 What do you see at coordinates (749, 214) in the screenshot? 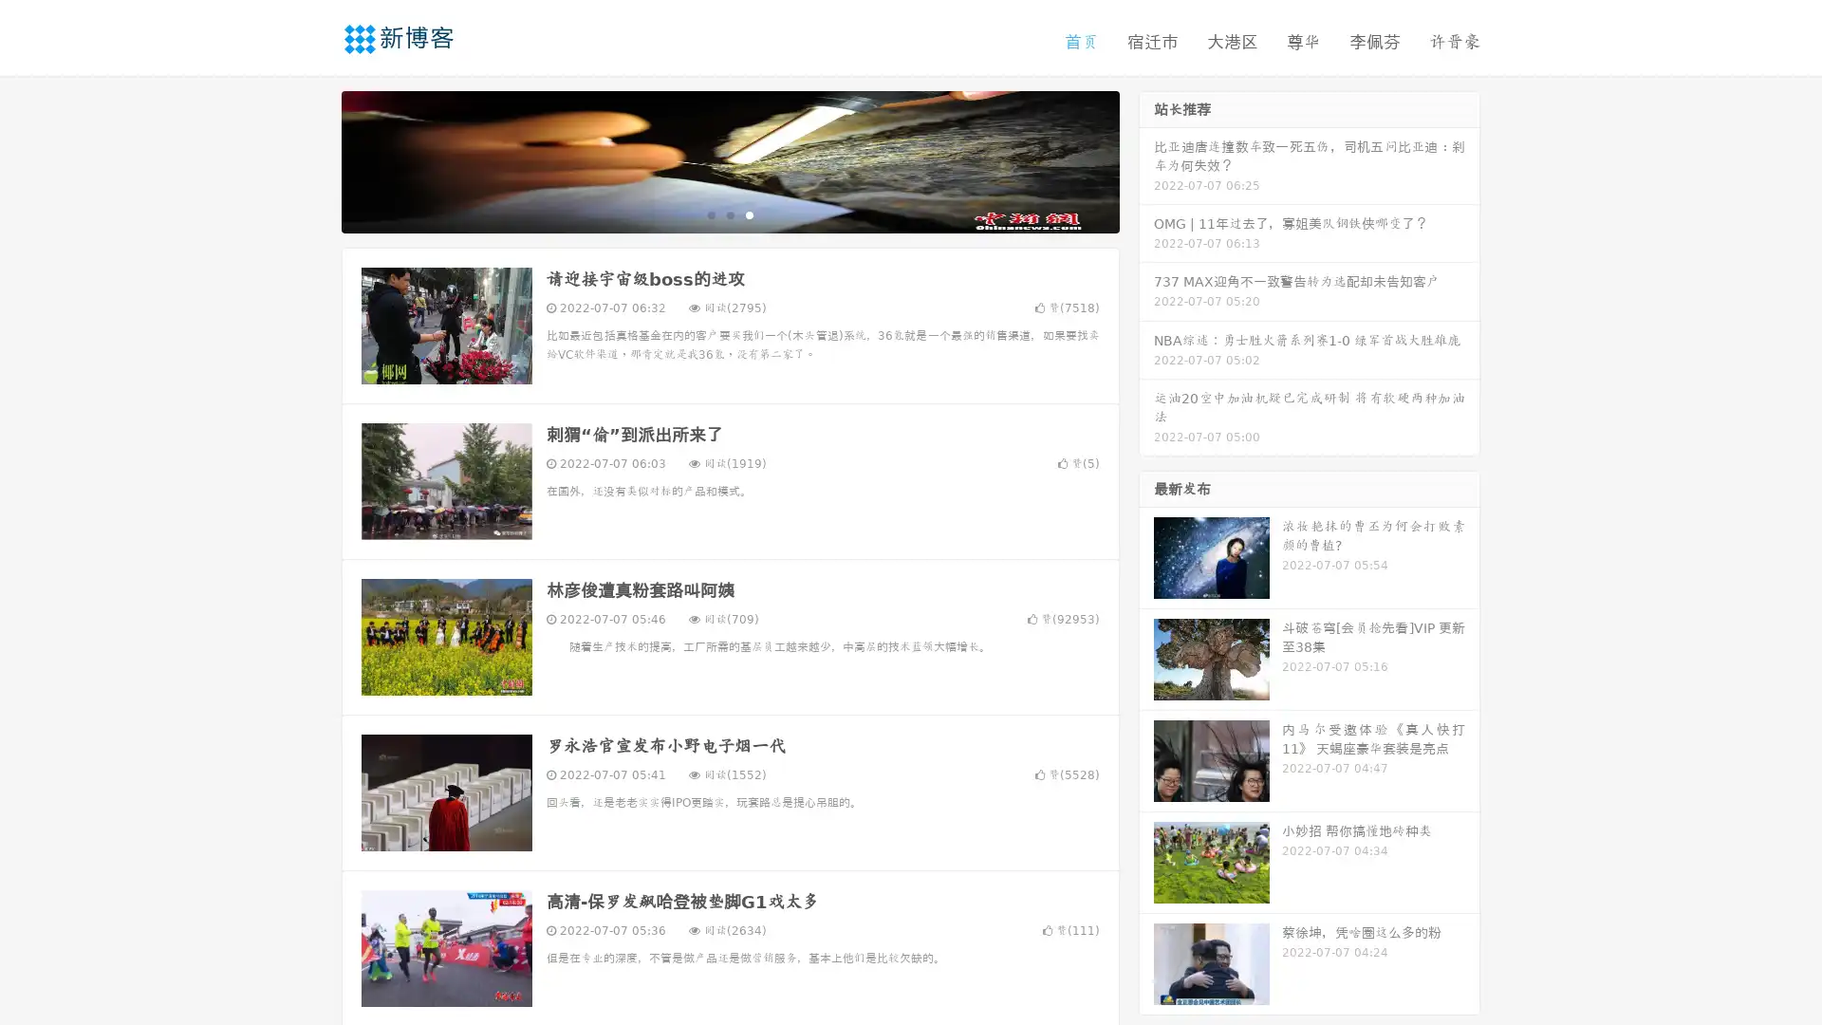
I see `Go to slide 3` at bounding box center [749, 214].